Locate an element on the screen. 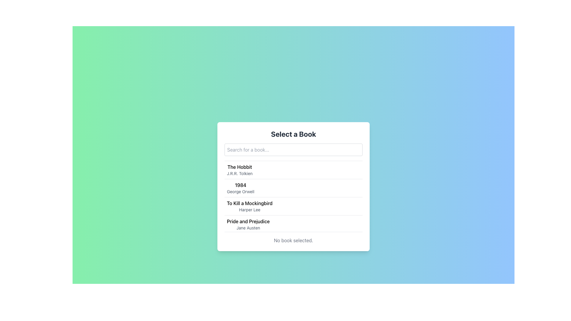 Image resolution: width=571 pixels, height=321 pixels. the title label for the book 'The Hobbit' to reference the associated list item is located at coordinates (240, 167).